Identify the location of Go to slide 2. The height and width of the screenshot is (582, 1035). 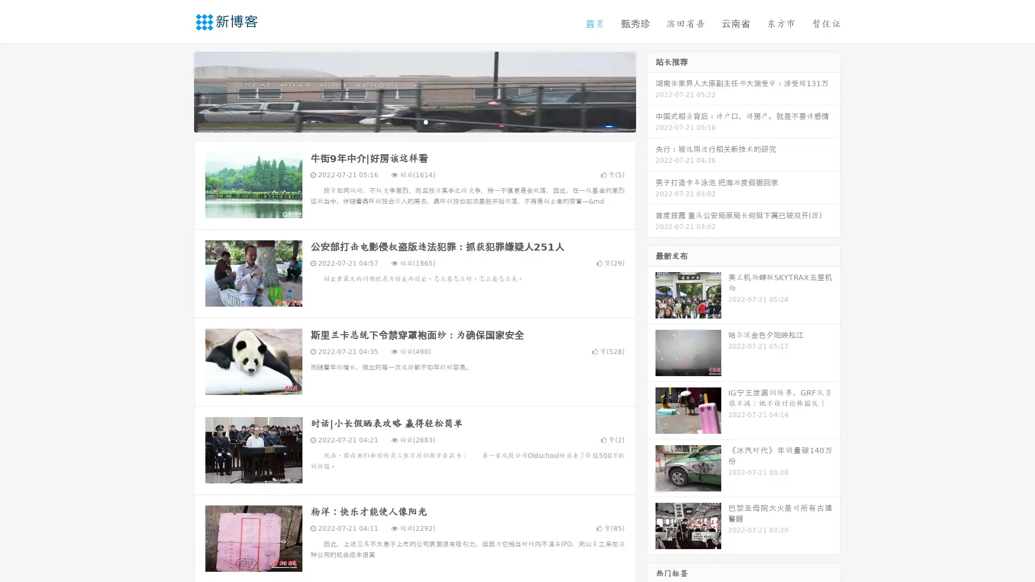
(414, 121).